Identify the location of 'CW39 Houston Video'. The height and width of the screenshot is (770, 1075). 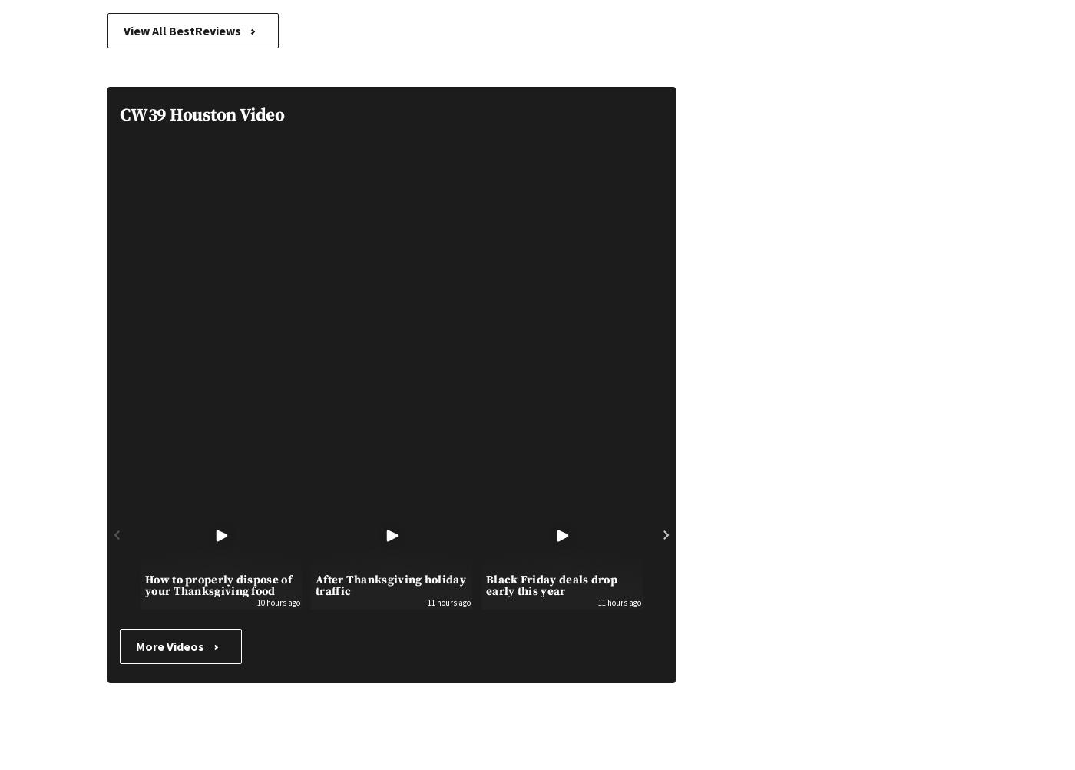
(202, 114).